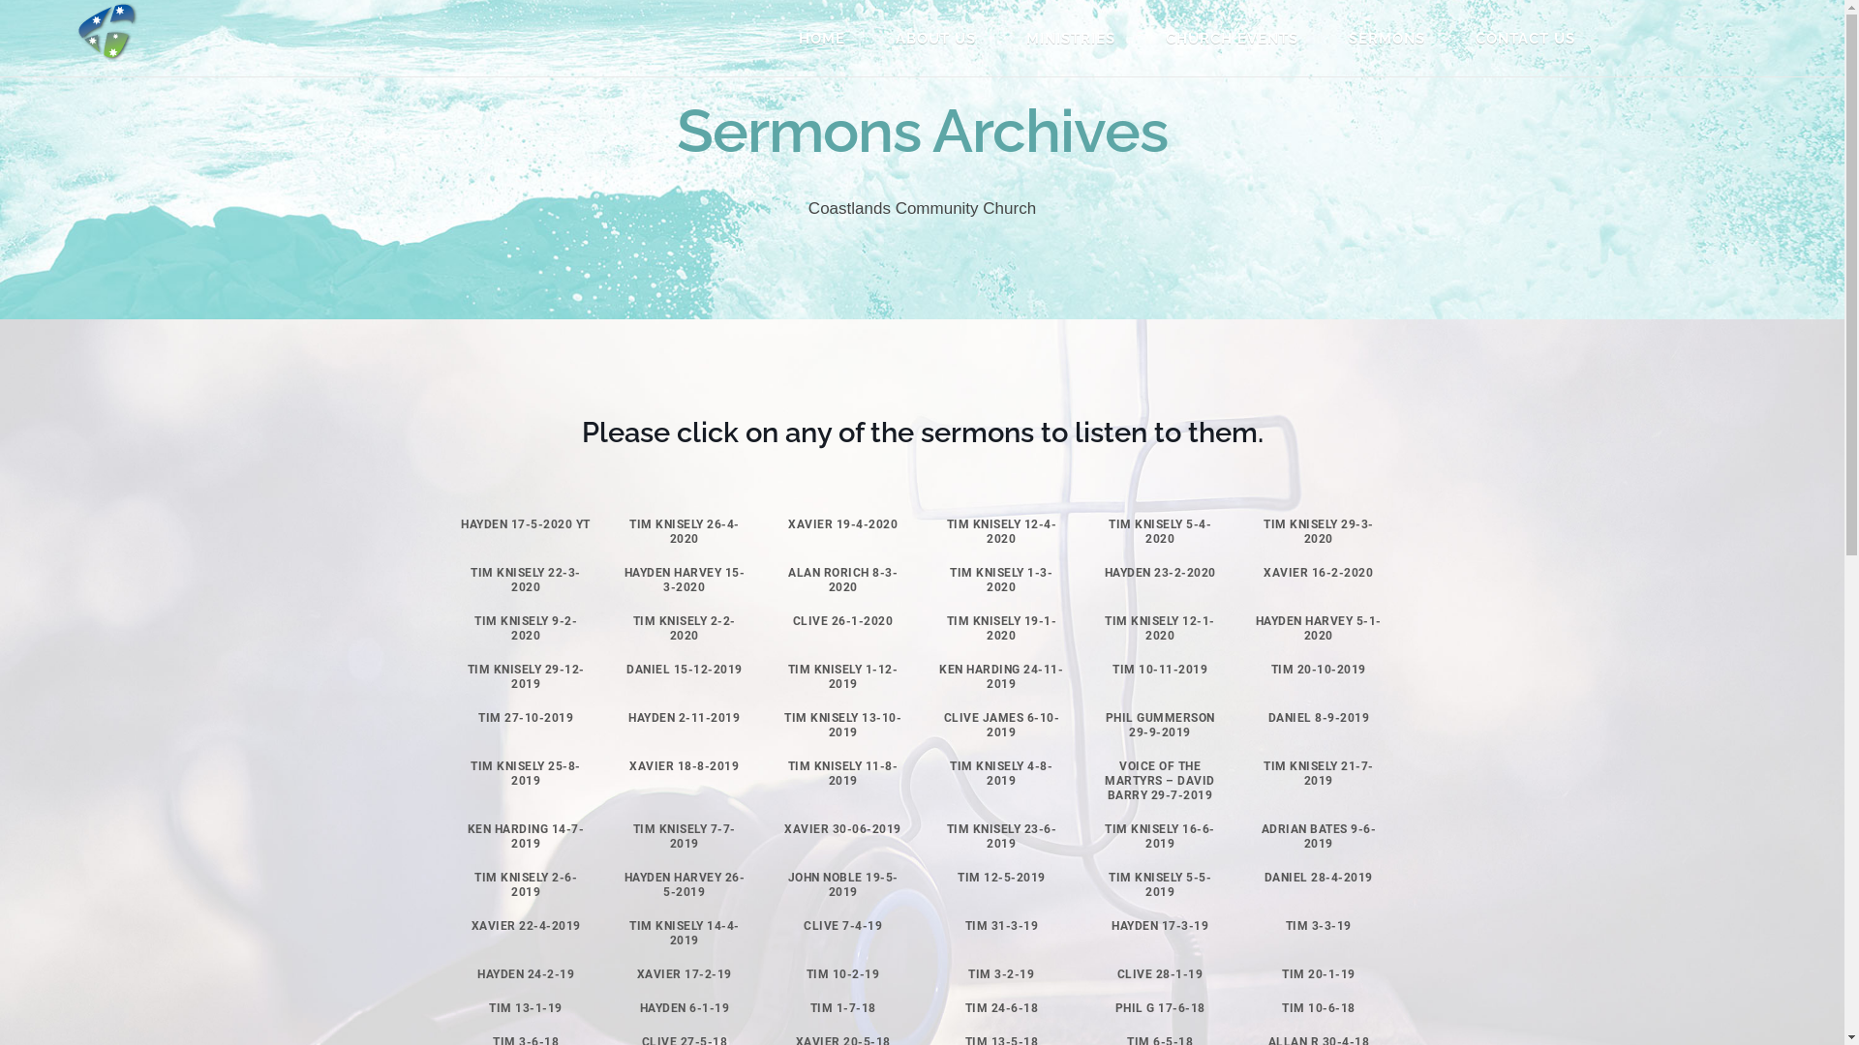 This screenshot has width=1859, height=1045. I want to click on 'TIM KNISELY 25-8-2019', so click(525, 772).